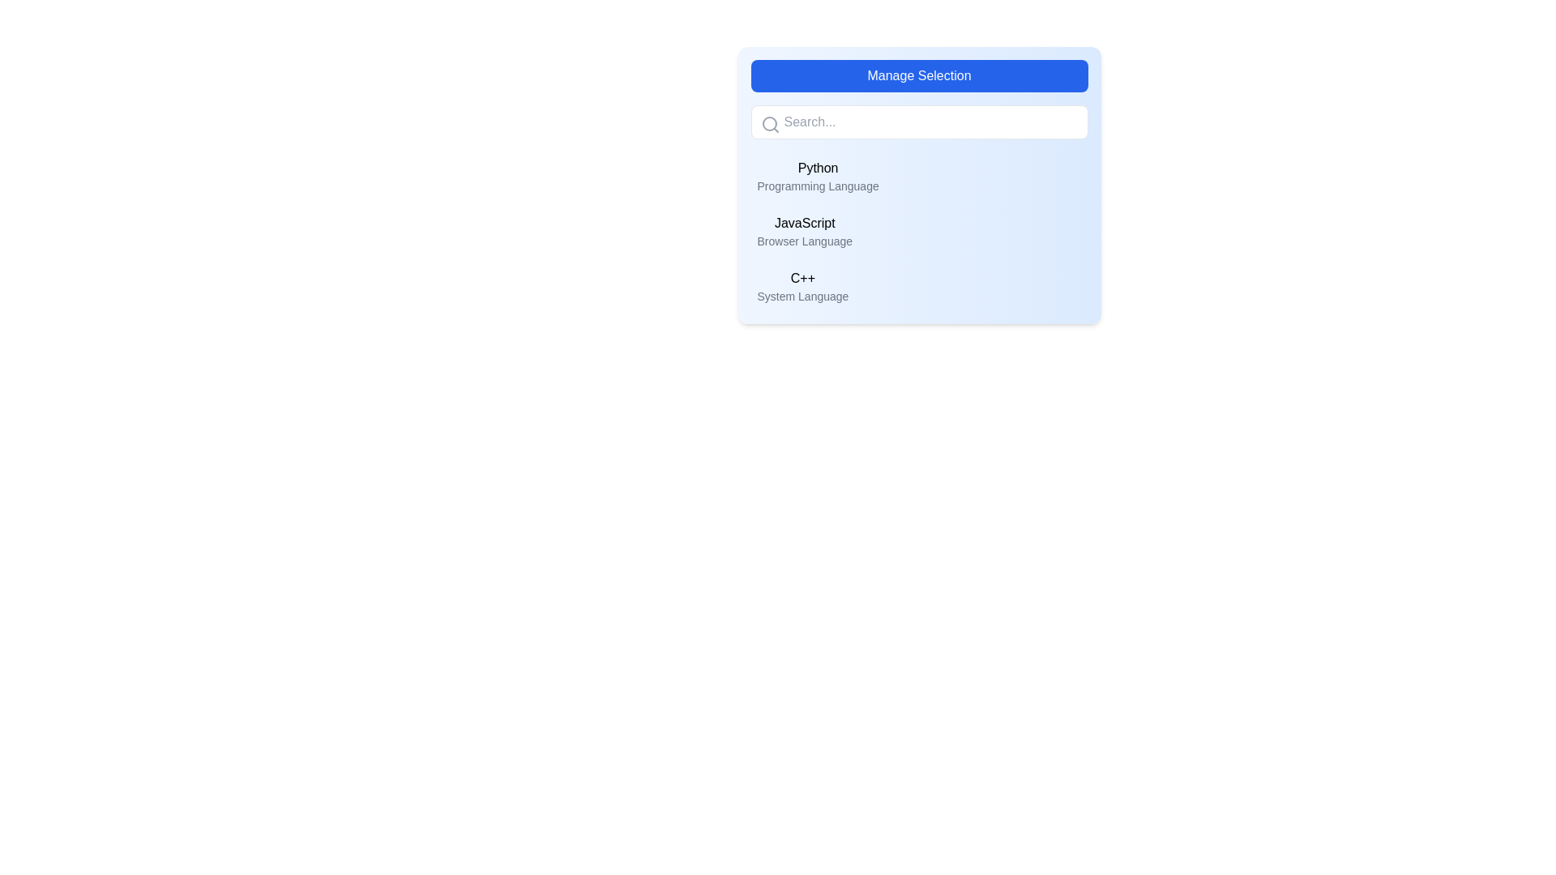 The width and height of the screenshot is (1556, 875). What do you see at coordinates (919, 177) in the screenshot?
I see `the first selectable list item representing the programming language 'Python'` at bounding box center [919, 177].